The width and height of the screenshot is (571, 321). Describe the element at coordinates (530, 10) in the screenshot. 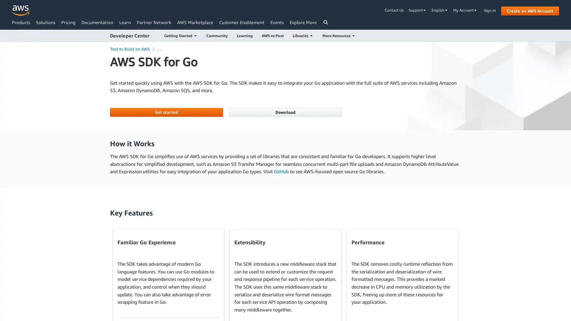

I see `Create an AWS Account` at that location.